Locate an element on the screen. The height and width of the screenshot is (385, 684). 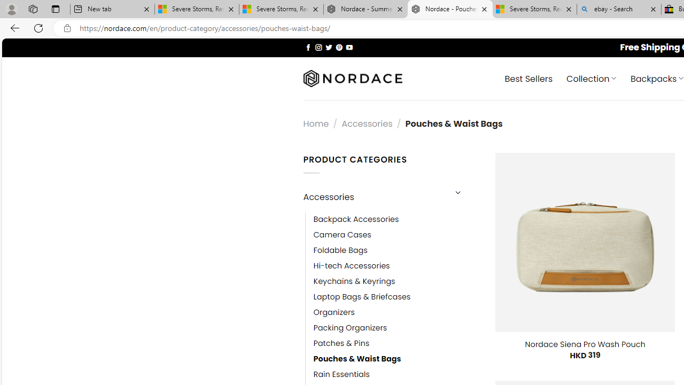
'Pouches & Waist Bags' is located at coordinates (357, 359).